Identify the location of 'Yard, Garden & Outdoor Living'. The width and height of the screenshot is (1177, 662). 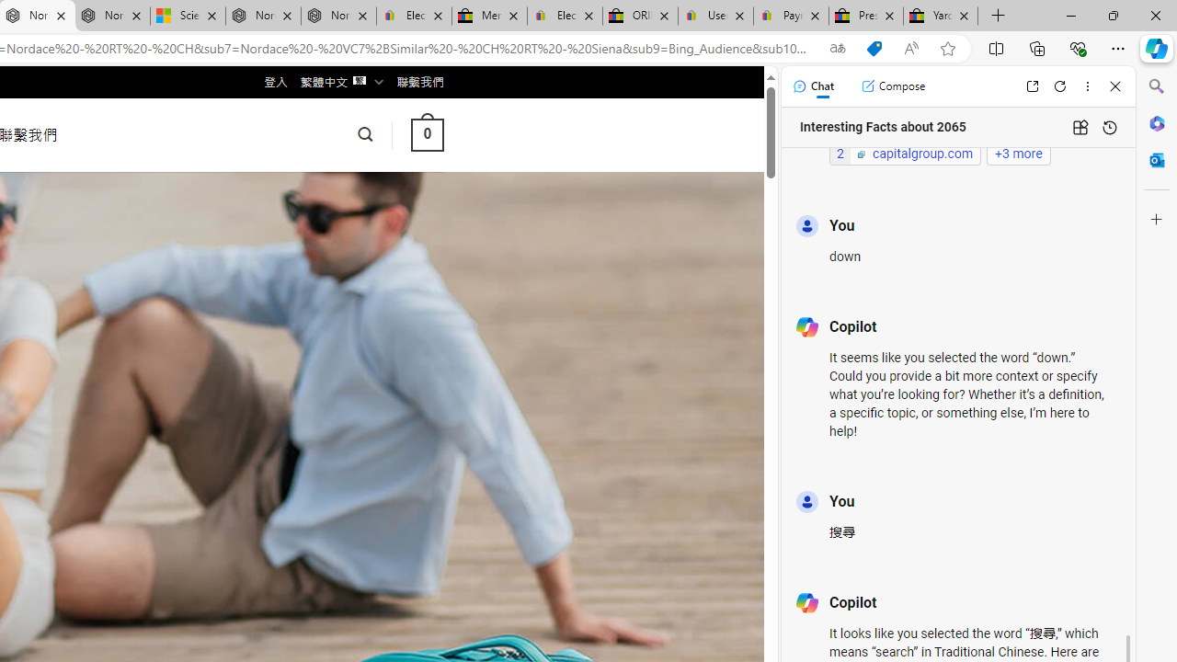
(941, 16).